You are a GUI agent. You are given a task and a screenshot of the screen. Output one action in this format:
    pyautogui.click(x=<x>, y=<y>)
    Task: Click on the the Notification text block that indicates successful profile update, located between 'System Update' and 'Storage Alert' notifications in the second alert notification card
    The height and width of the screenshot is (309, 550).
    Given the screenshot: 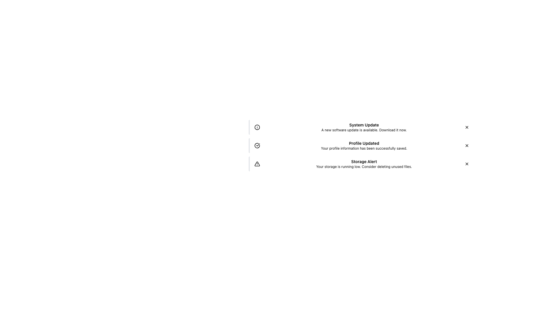 What is the action you would take?
    pyautogui.click(x=364, y=145)
    